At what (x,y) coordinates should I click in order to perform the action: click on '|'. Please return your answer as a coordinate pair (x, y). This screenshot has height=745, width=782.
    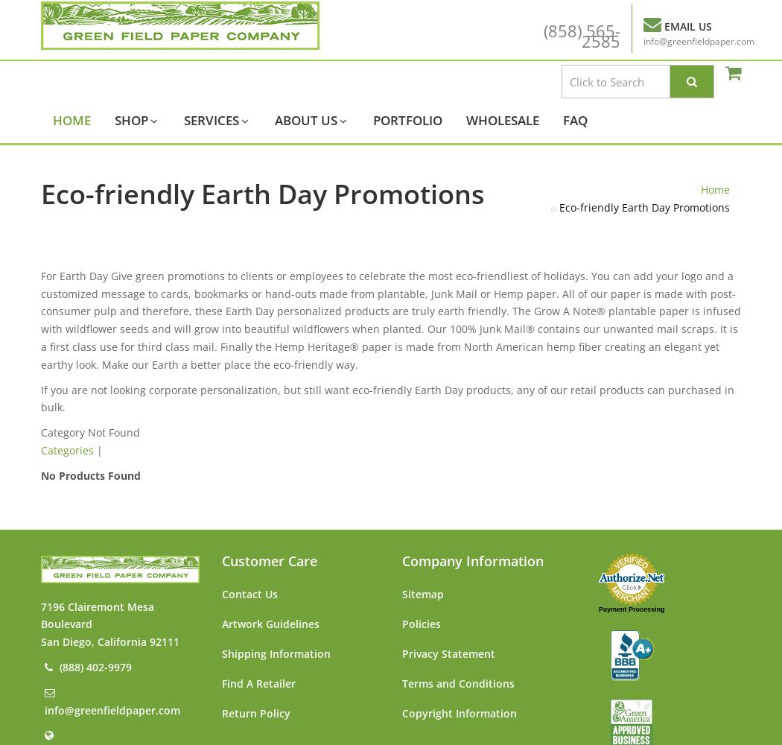
    Looking at the image, I should click on (93, 449).